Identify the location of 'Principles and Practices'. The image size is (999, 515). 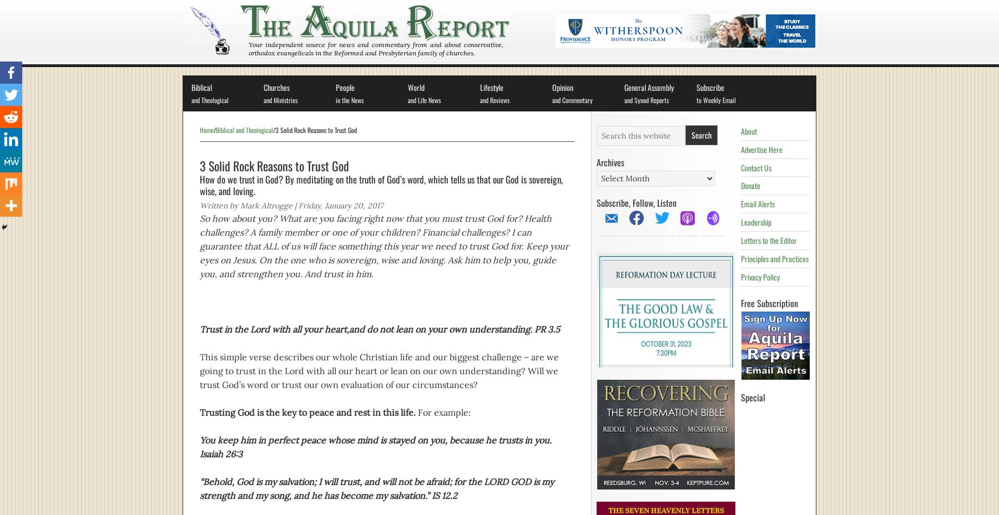
(774, 257).